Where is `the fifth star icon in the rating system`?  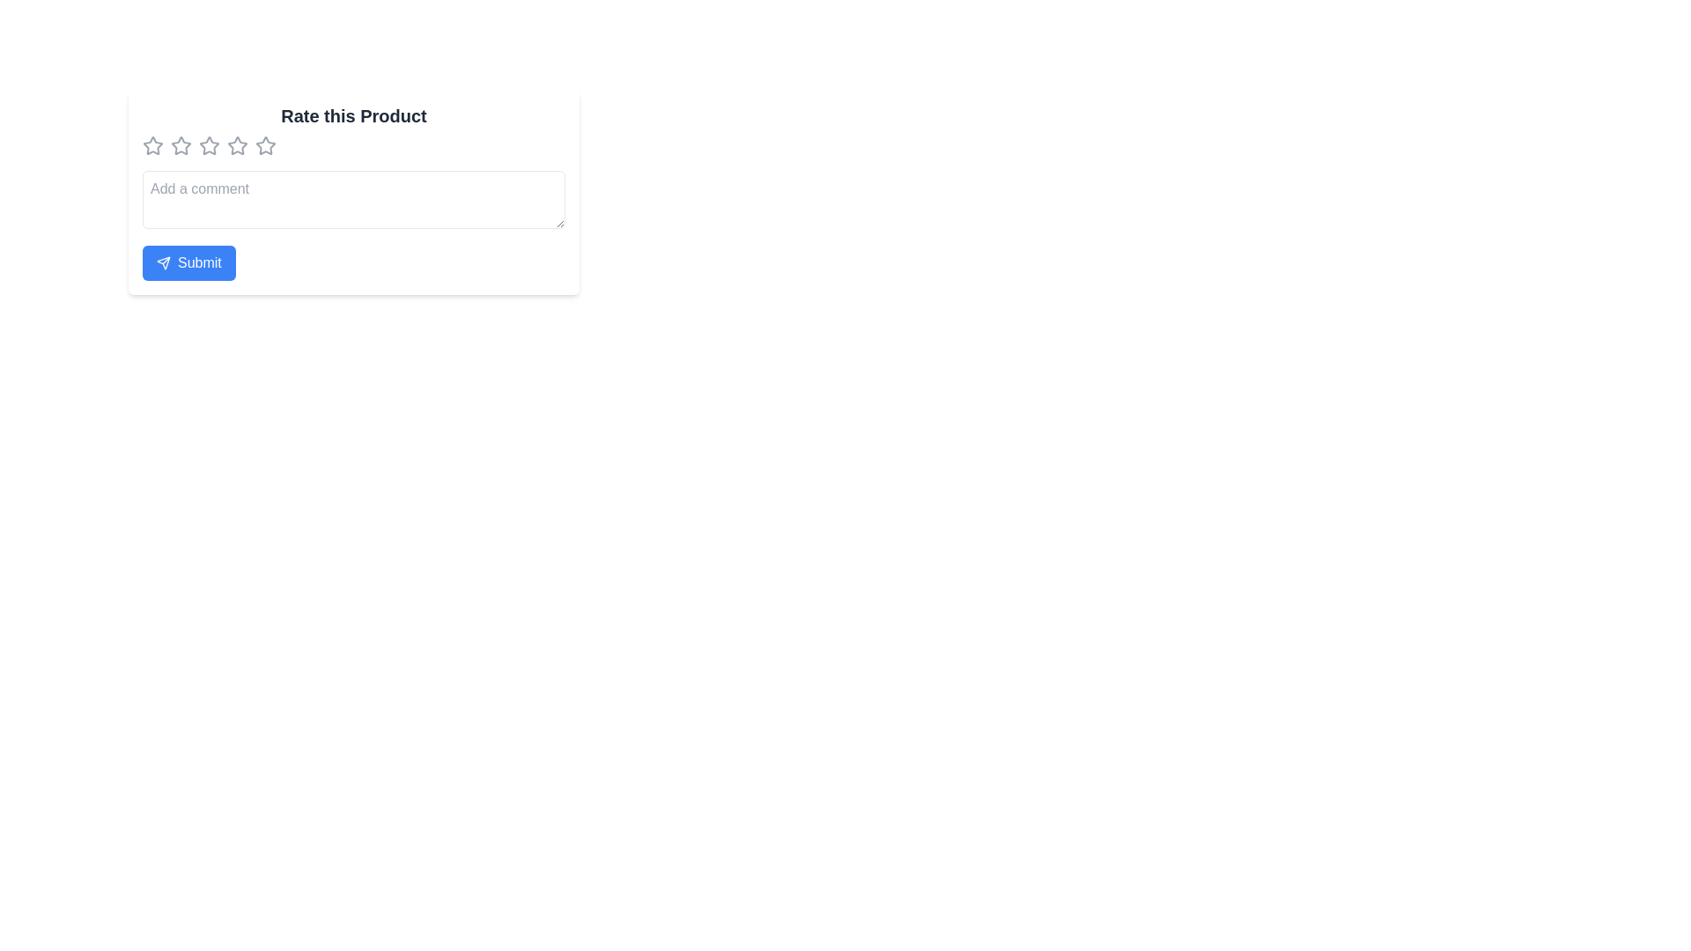 the fifth star icon in the rating system is located at coordinates (265, 144).